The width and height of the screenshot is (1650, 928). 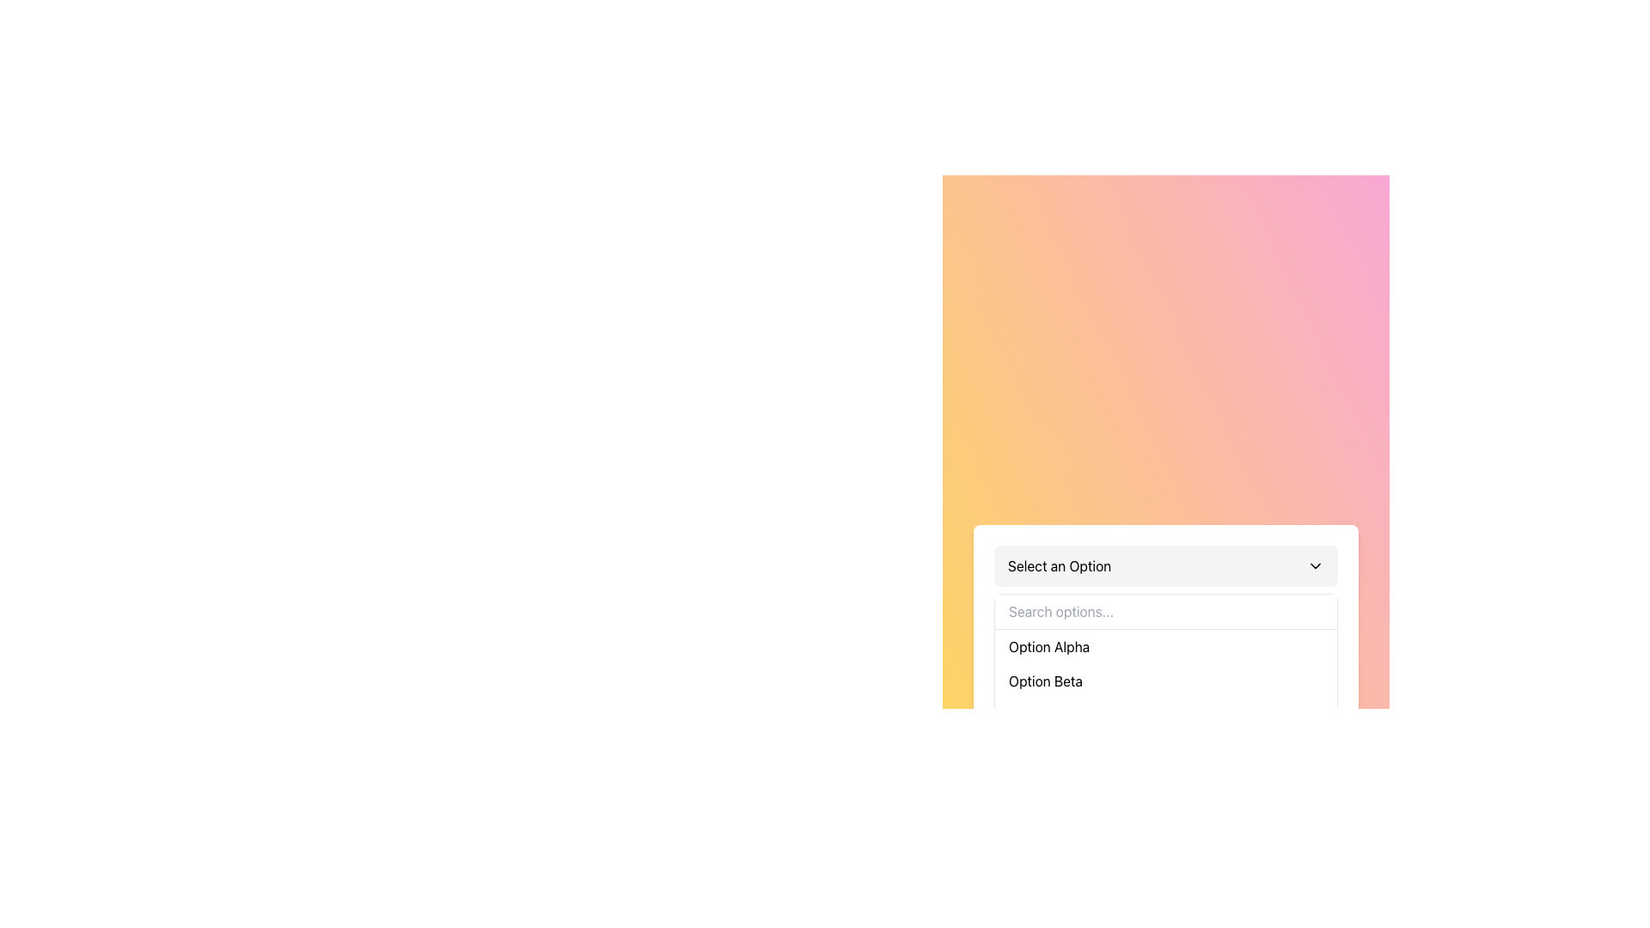 I want to click on the downward-pointing arrow icon located to the right of the 'Select an Option' text in the dropdown interface, so click(x=1315, y=565).